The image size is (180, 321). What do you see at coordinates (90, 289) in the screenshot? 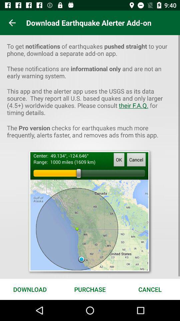
I see `the icon to the right of download icon` at bounding box center [90, 289].